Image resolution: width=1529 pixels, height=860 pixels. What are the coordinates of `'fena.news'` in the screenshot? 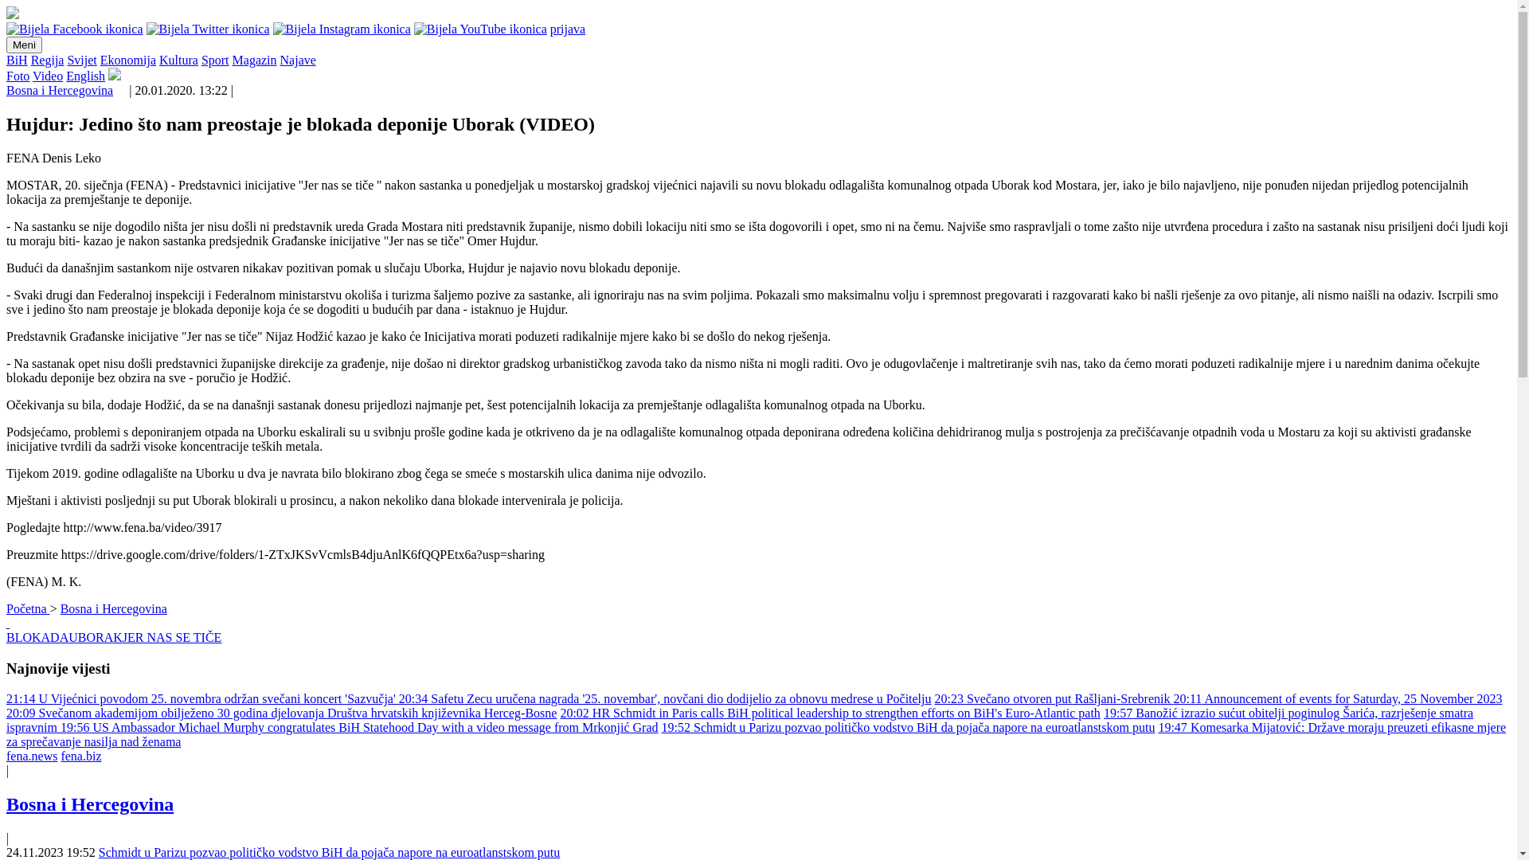 It's located at (31, 755).